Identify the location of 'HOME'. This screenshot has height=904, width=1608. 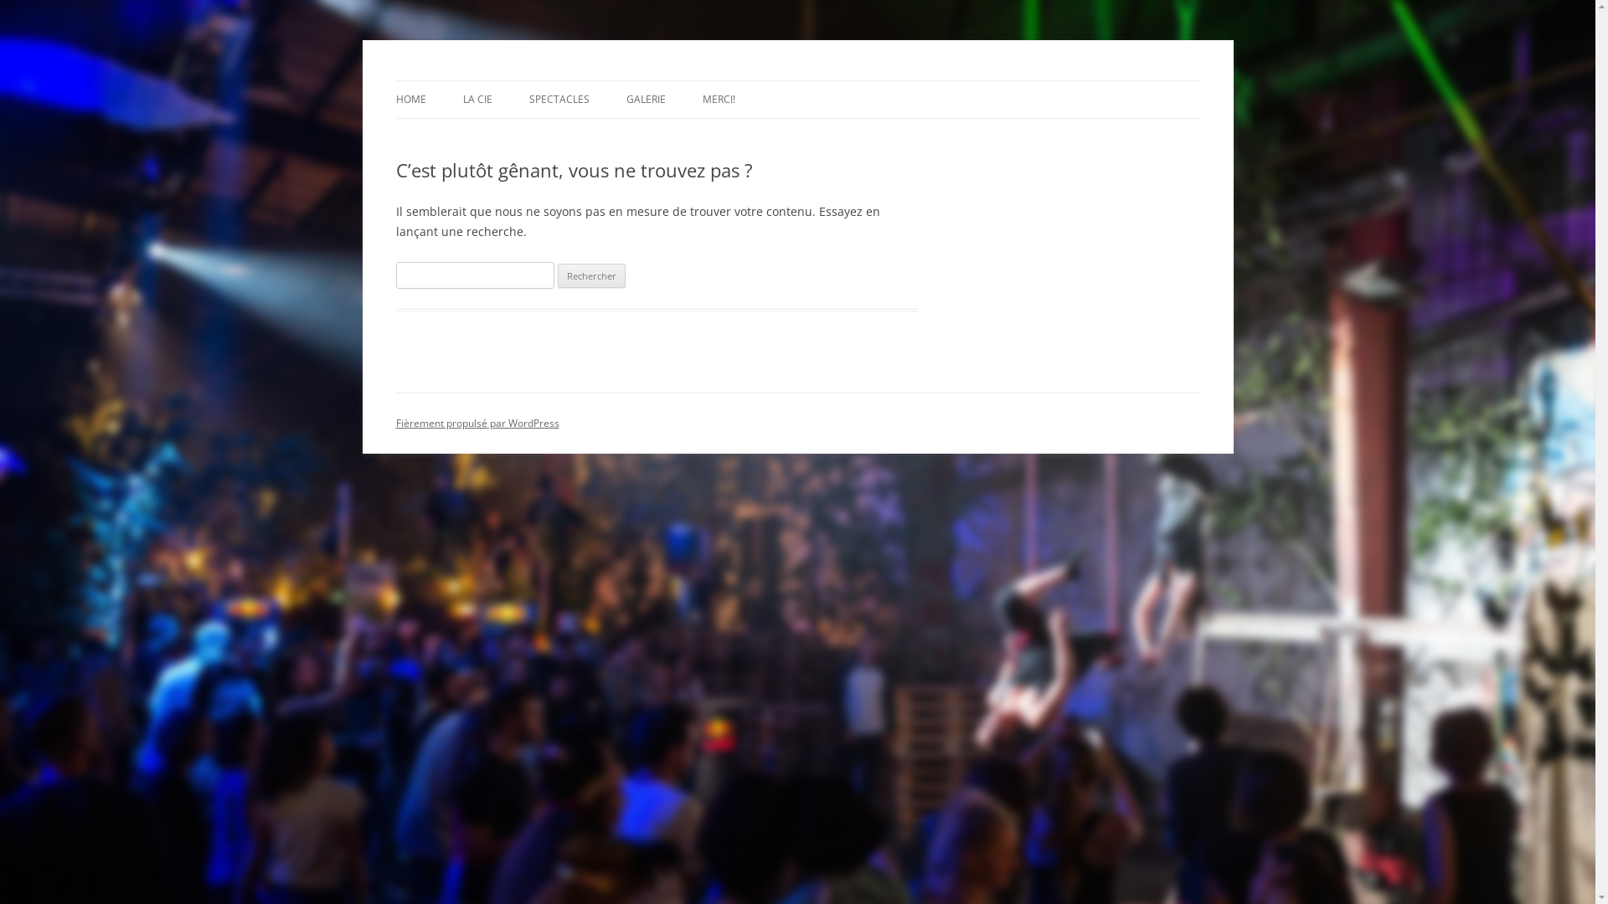
(410, 100).